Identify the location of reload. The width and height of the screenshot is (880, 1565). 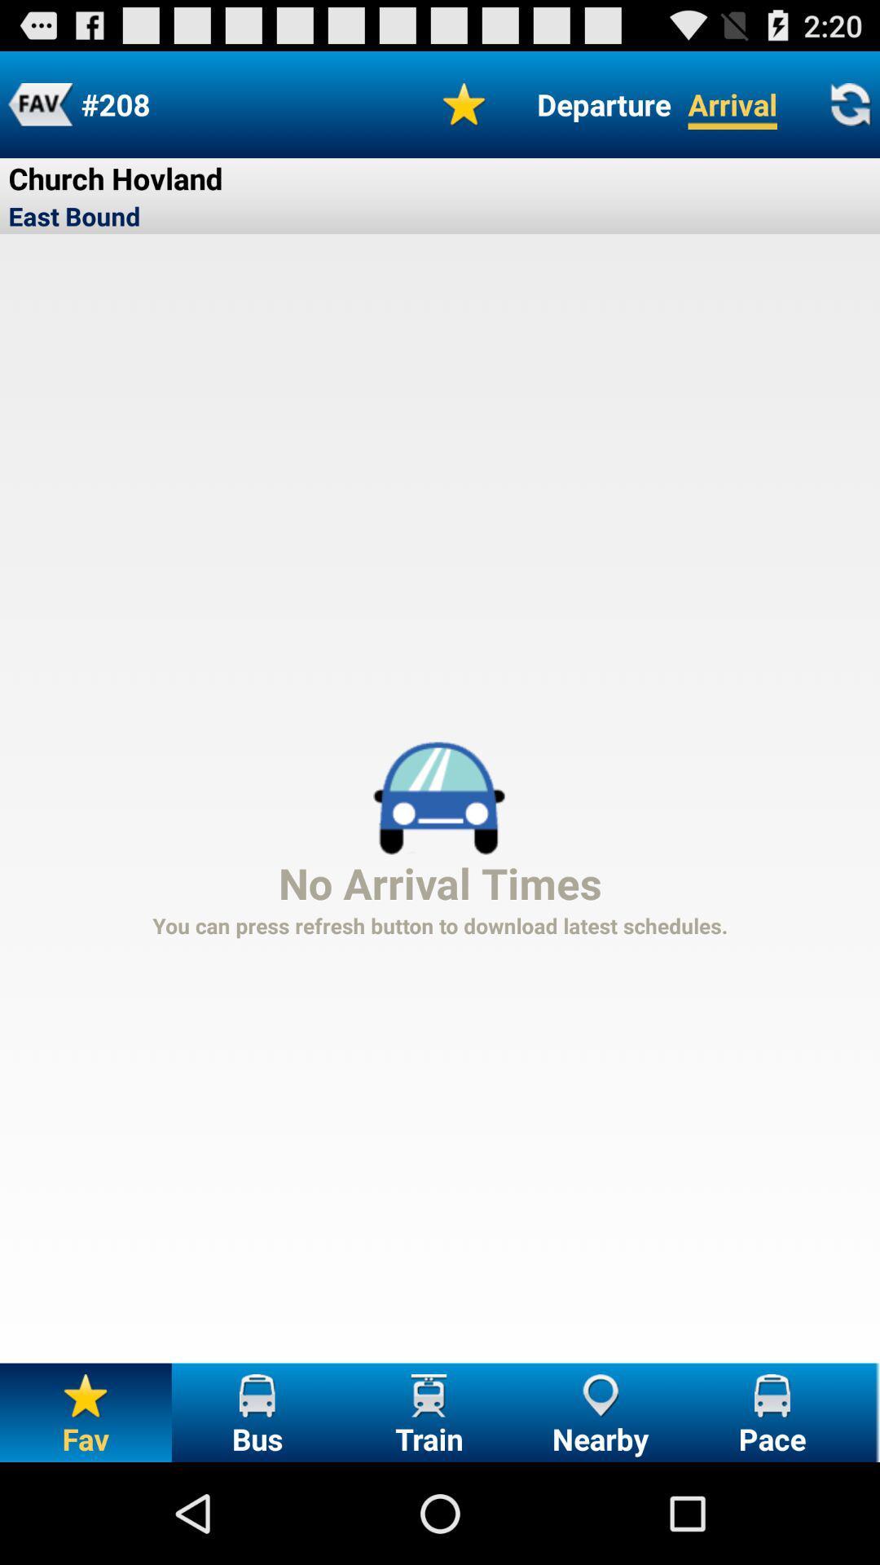
(849, 104).